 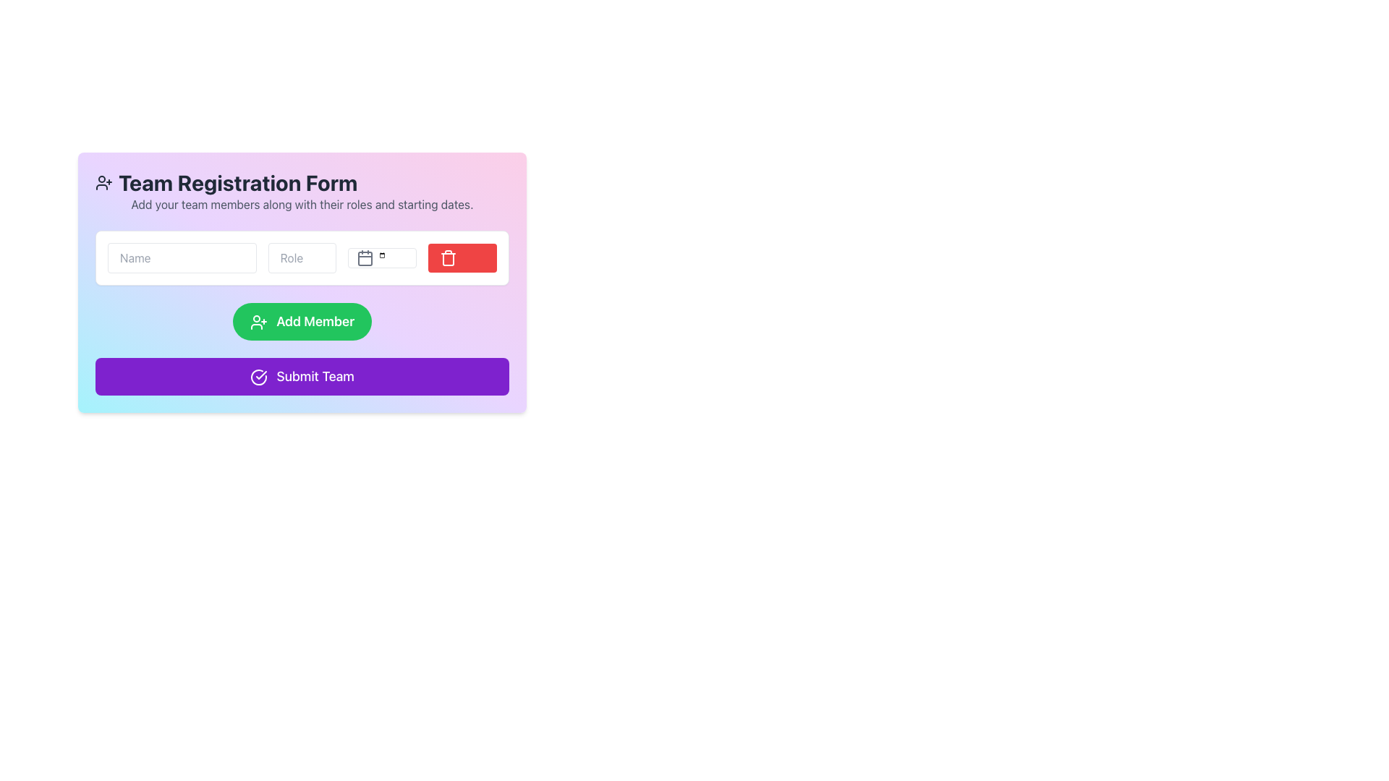 What do you see at coordinates (301, 312) in the screenshot?
I see `the green, rounded rectangle-shaped button labeled 'Add Member' located below the form input section` at bounding box center [301, 312].